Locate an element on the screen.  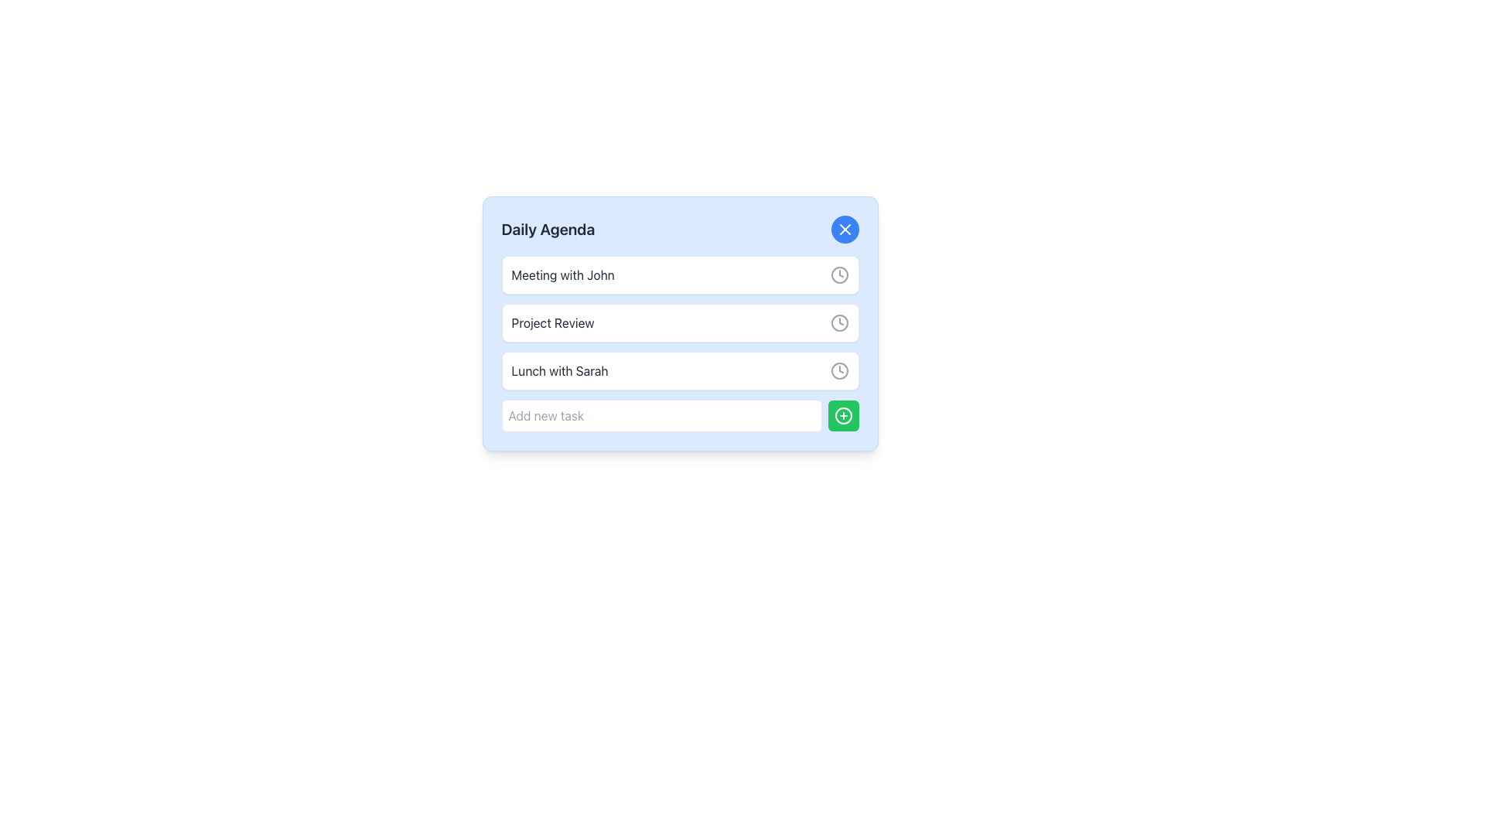
on the 'X' icon located inside the rounded blue button in the top-right corner of the 'Daily Agenda' panel is located at coordinates (844, 230).